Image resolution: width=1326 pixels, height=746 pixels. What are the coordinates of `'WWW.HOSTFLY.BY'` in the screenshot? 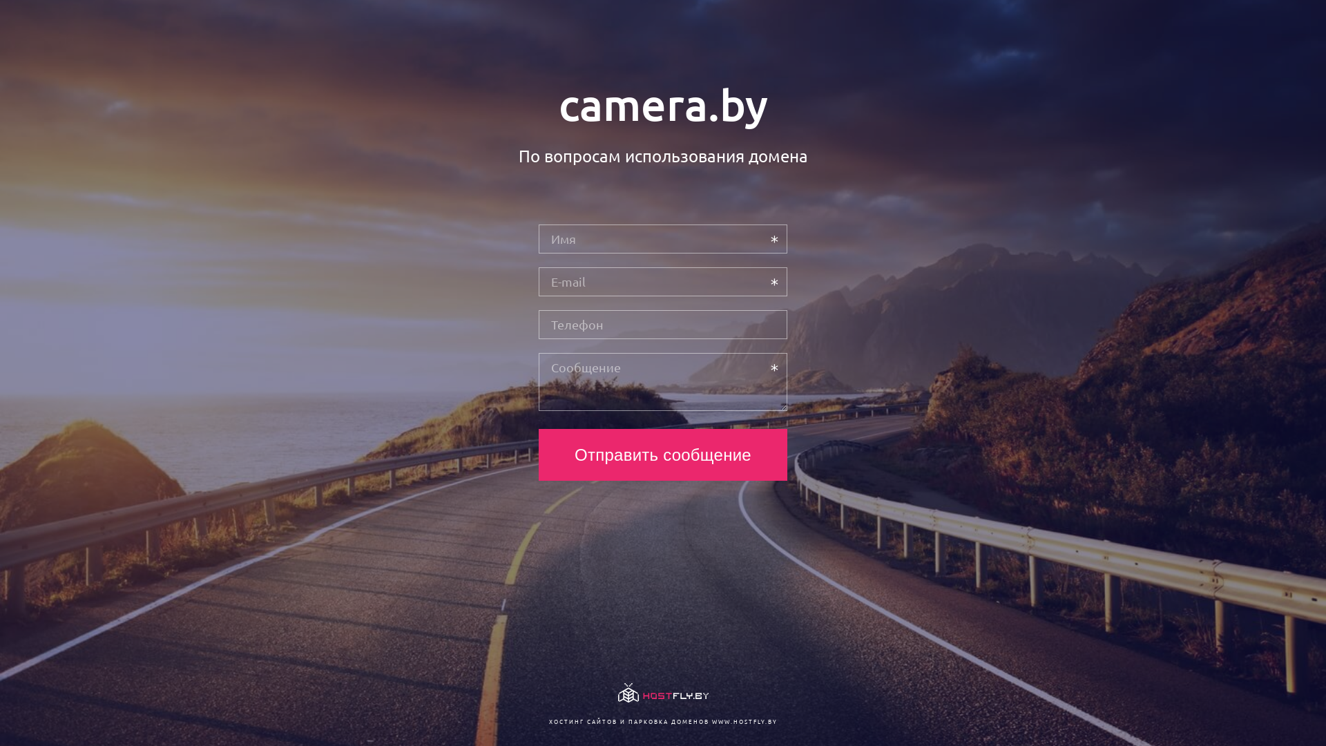 It's located at (743, 720).